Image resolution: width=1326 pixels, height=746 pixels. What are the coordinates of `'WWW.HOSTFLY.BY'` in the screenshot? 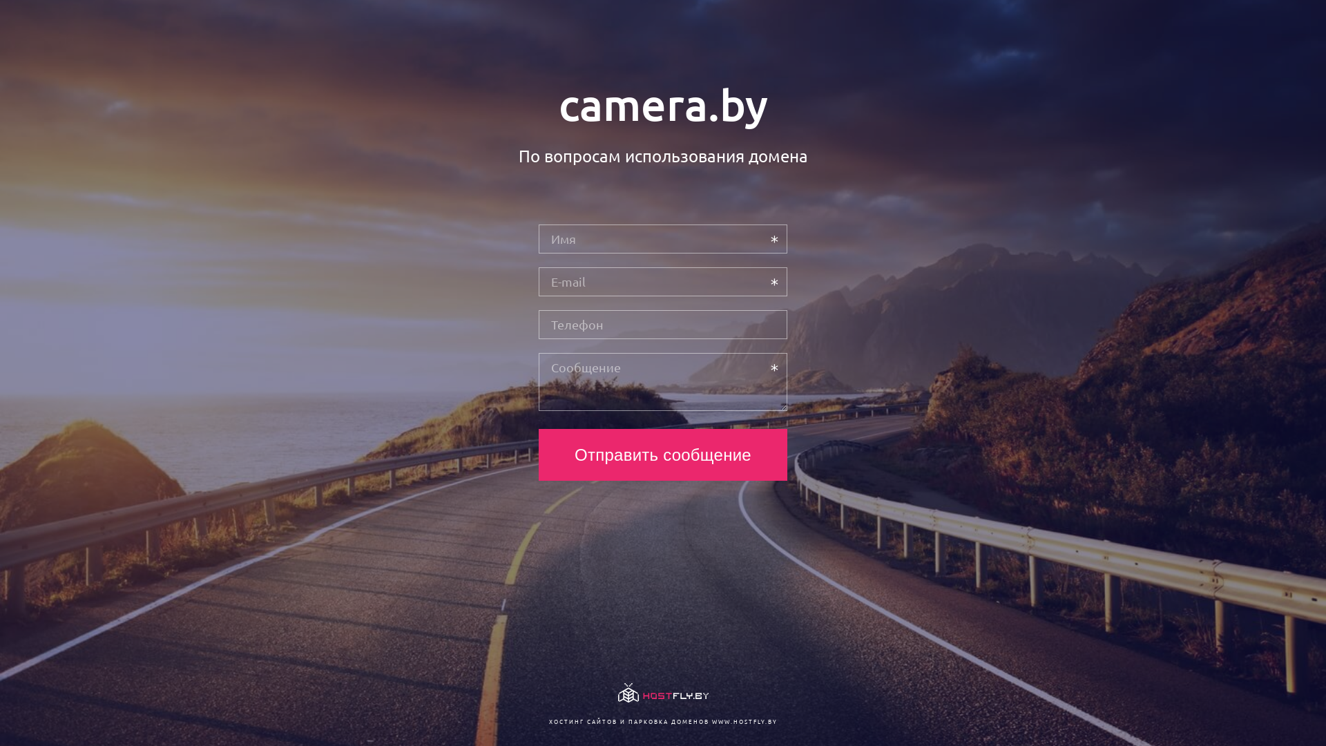 It's located at (743, 720).